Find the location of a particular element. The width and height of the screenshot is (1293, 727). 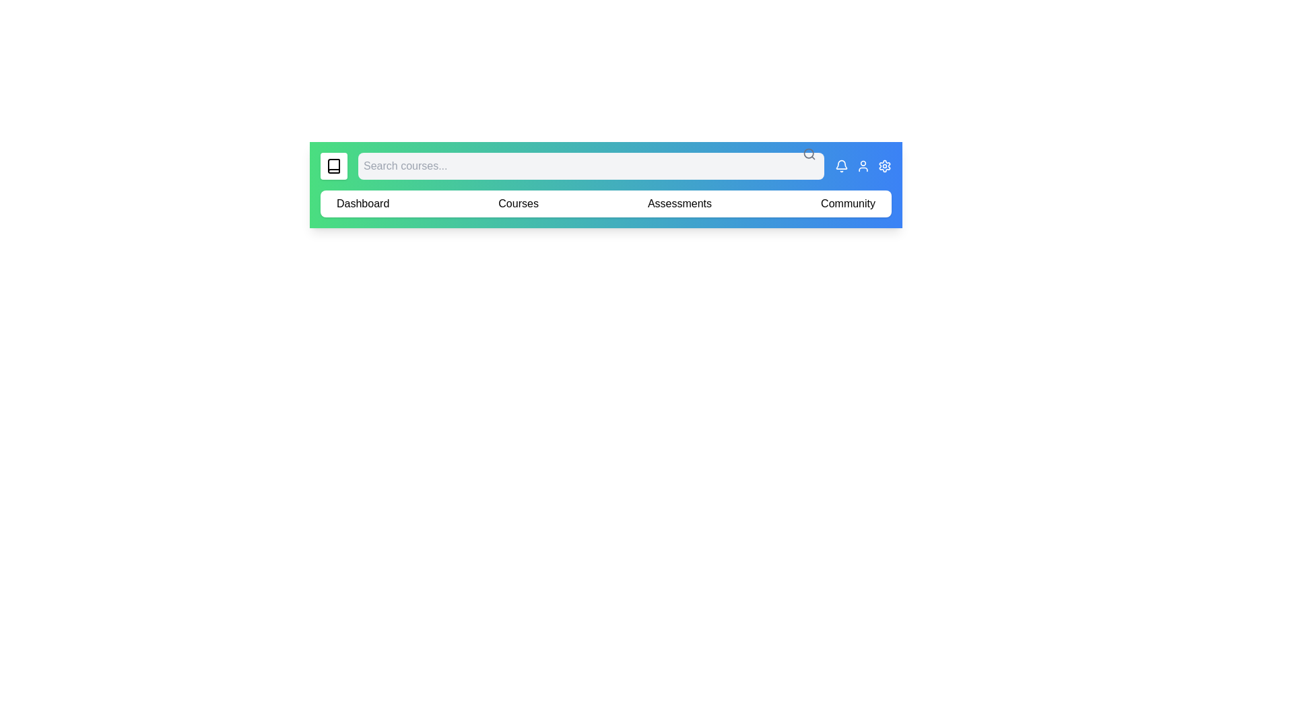

menu button to toggle the navigation menu is located at coordinates (333, 165).